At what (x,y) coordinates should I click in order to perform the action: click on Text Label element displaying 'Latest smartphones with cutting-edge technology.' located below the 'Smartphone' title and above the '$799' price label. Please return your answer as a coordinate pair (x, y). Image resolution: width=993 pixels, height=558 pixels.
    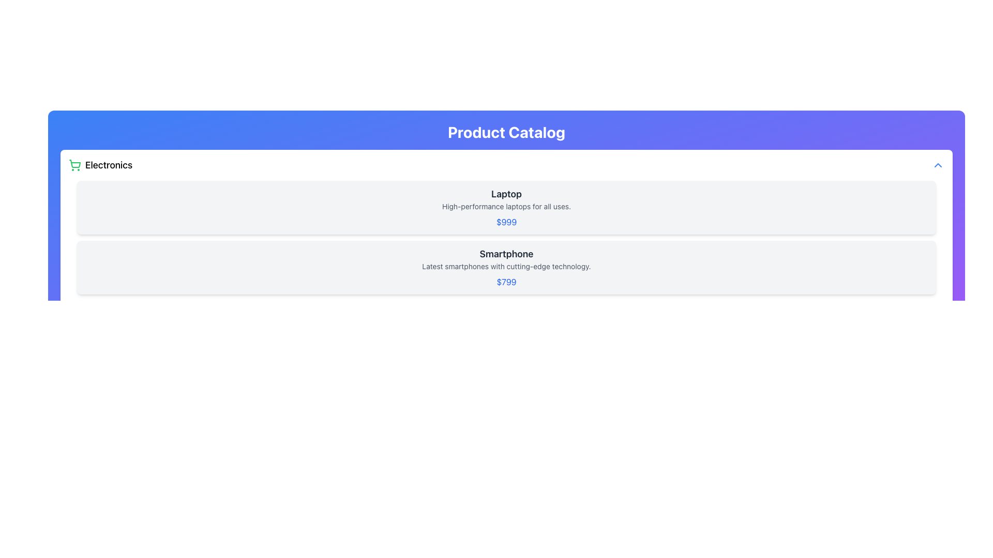
    Looking at the image, I should click on (506, 266).